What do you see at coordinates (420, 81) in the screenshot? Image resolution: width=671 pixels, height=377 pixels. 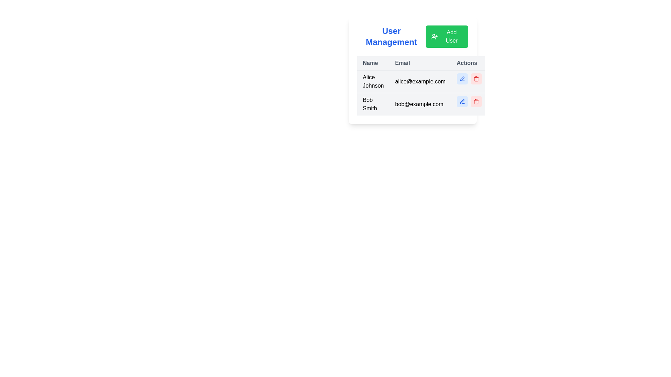 I see `the text label displaying the email address 'alice@example.com' located in the second column under the 'Email' header in the user information table` at bounding box center [420, 81].